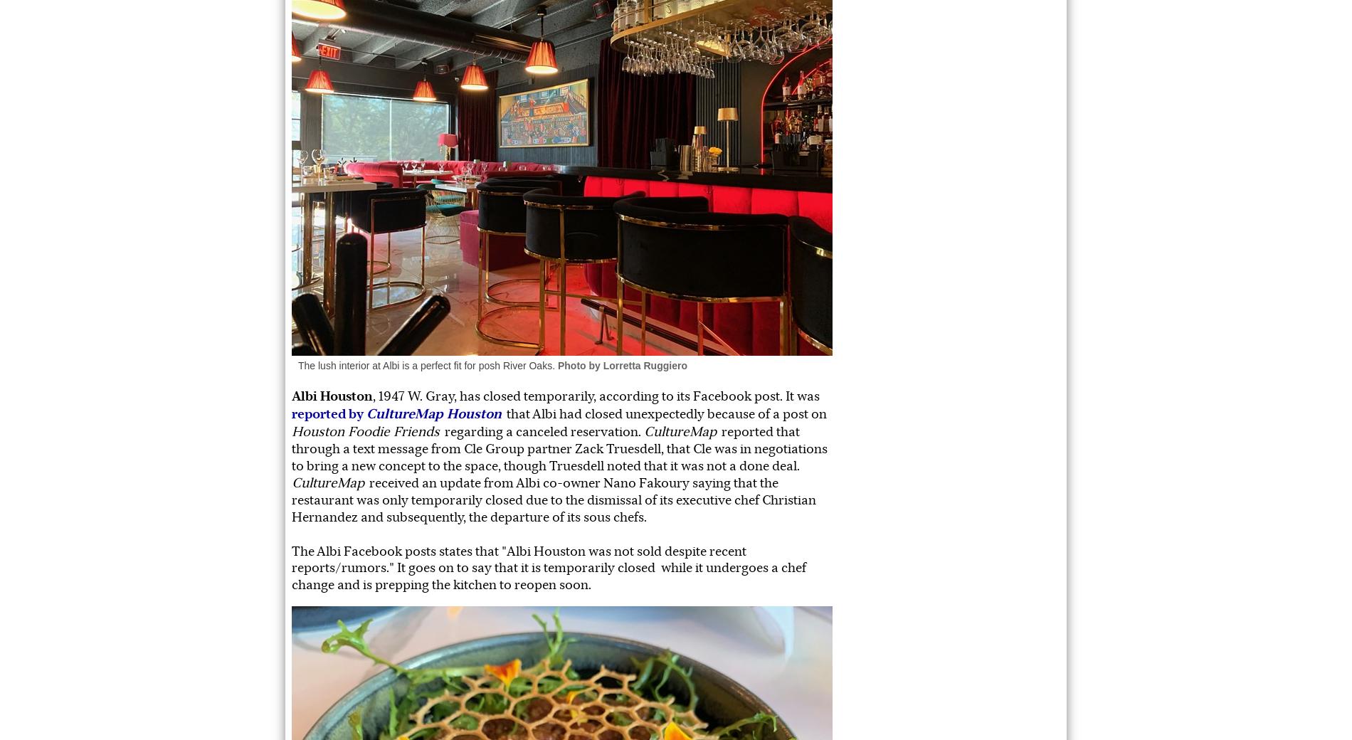 The width and height of the screenshot is (1352, 740). I want to click on 'that Albi had closed unexpectedly because of a post on', so click(664, 413).